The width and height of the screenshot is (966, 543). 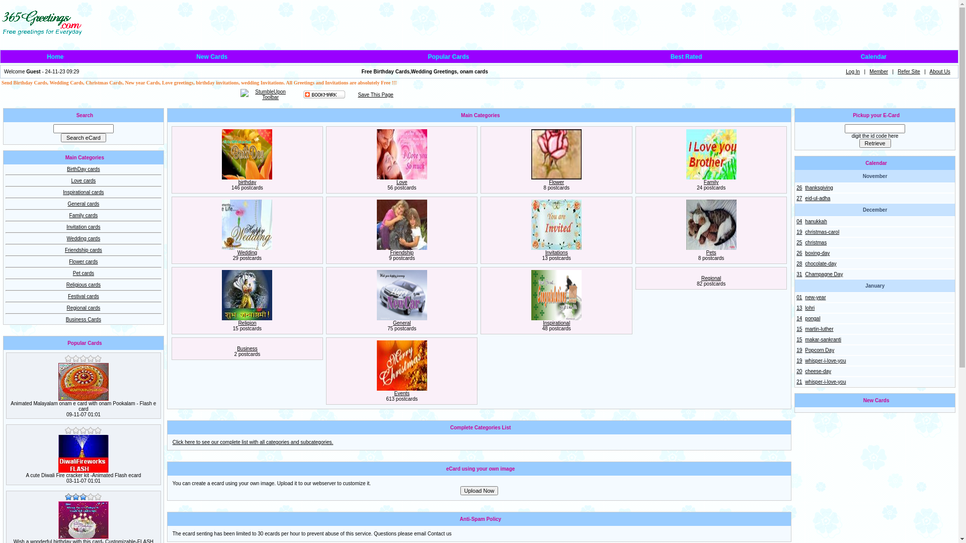 What do you see at coordinates (401, 252) in the screenshot?
I see `'Friendship'` at bounding box center [401, 252].